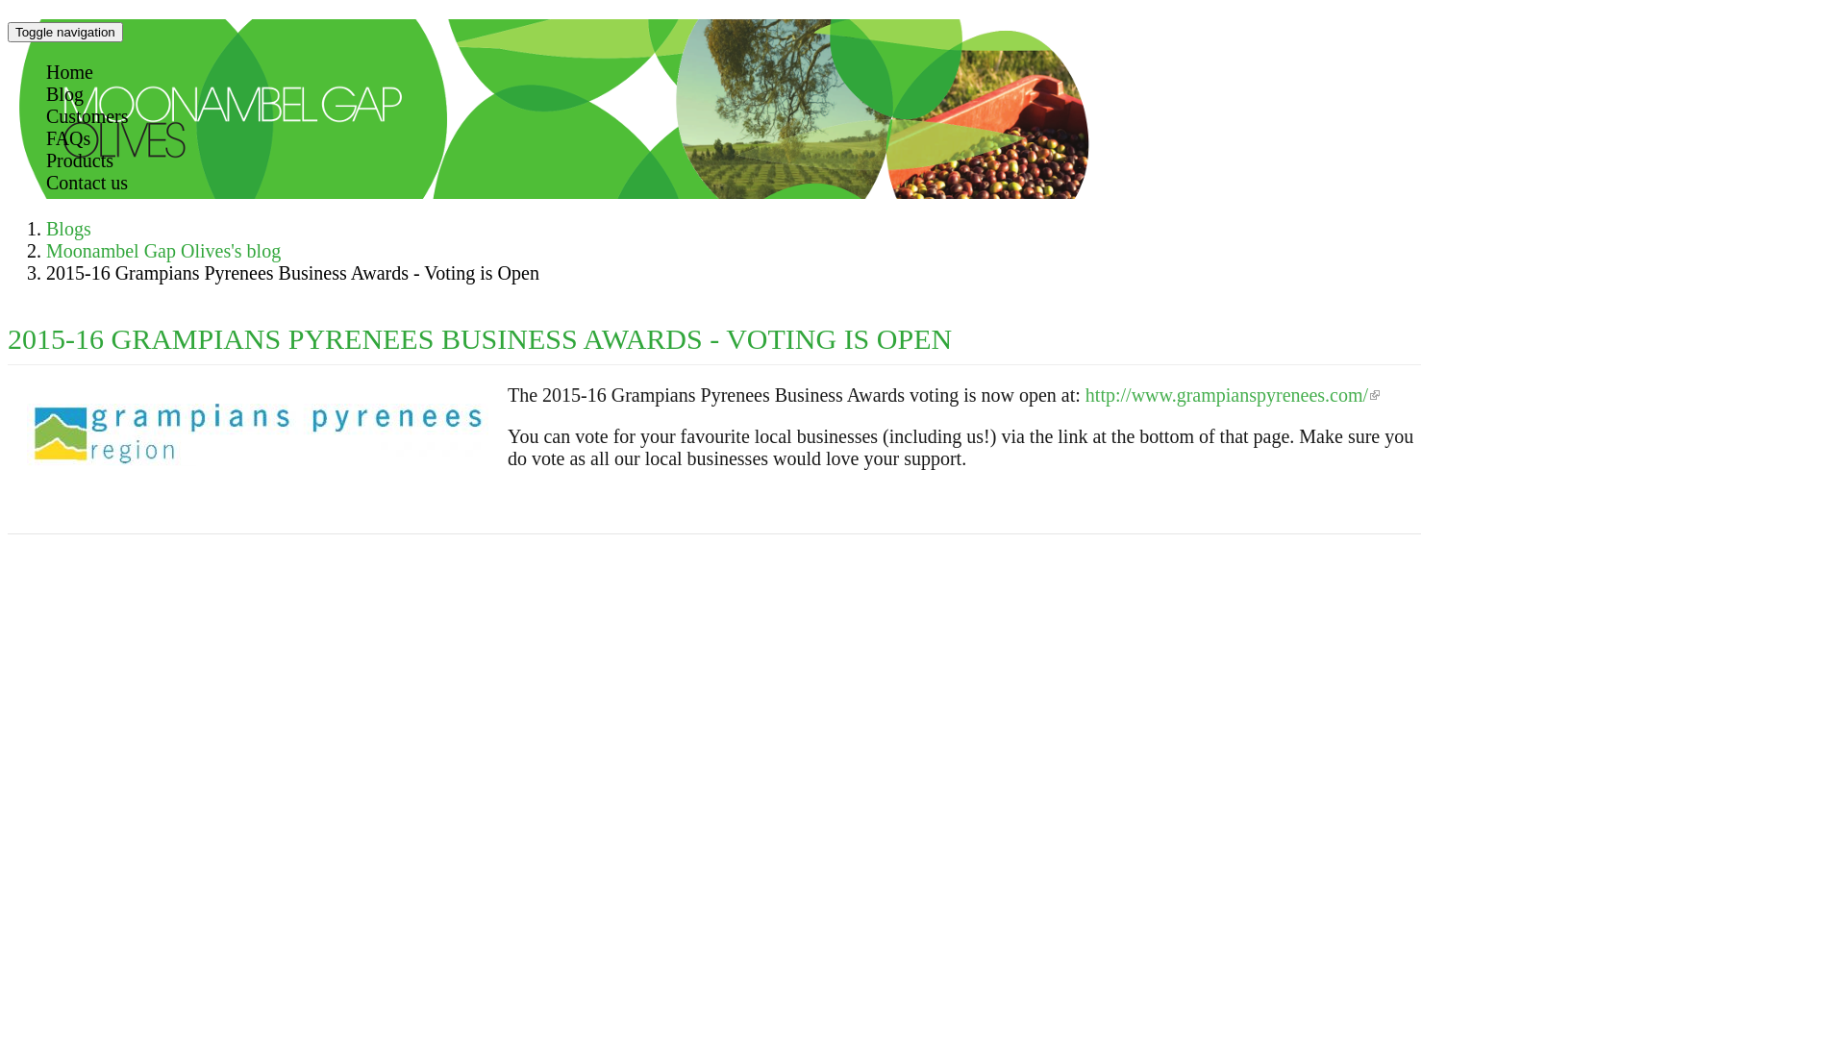 This screenshot has height=1038, width=1846. What do you see at coordinates (86, 182) in the screenshot?
I see `'Contact us'` at bounding box center [86, 182].